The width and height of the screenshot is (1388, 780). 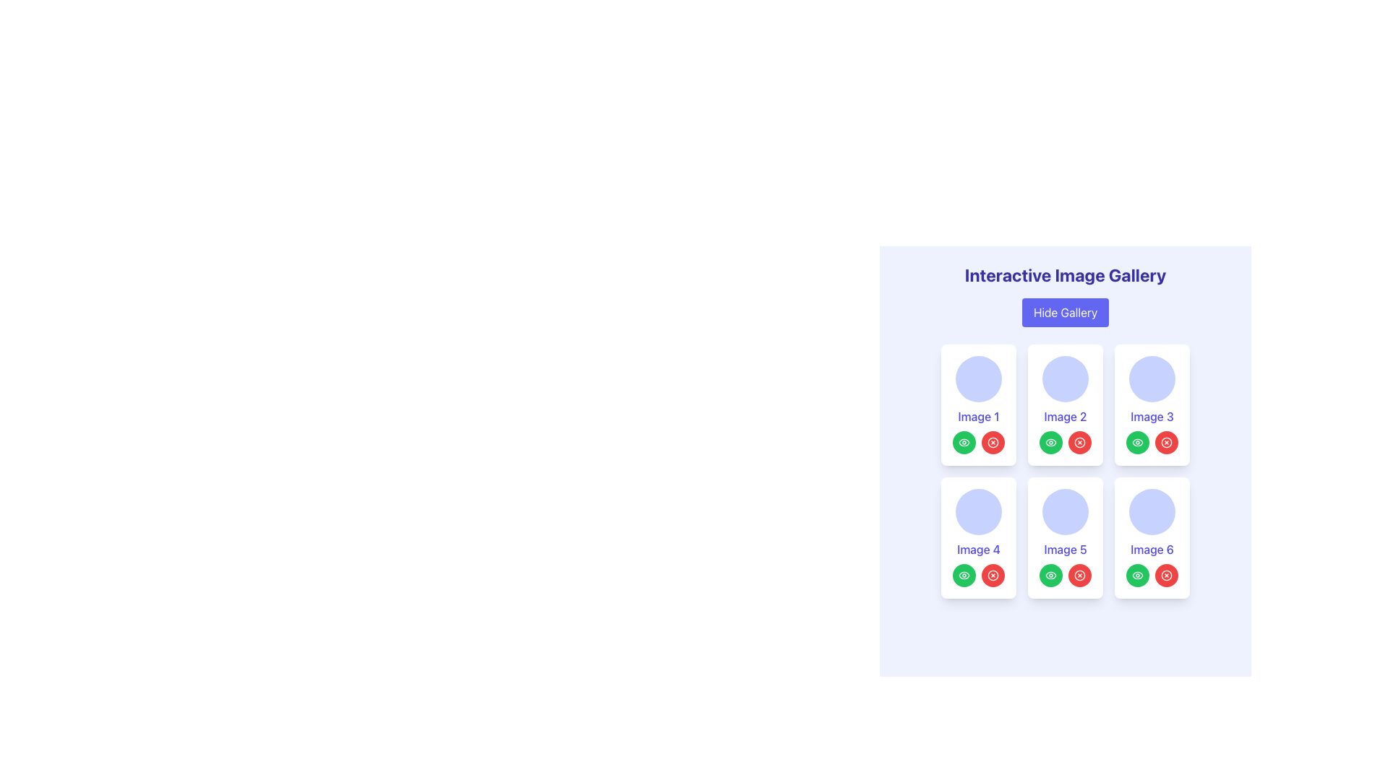 What do you see at coordinates (1166, 442) in the screenshot?
I see `the 'delete' button located in the third card of the top row in the interactive gallery grid, positioned to the bottom right of the green circular button with an eye icon` at bounding box center [1166, 442].